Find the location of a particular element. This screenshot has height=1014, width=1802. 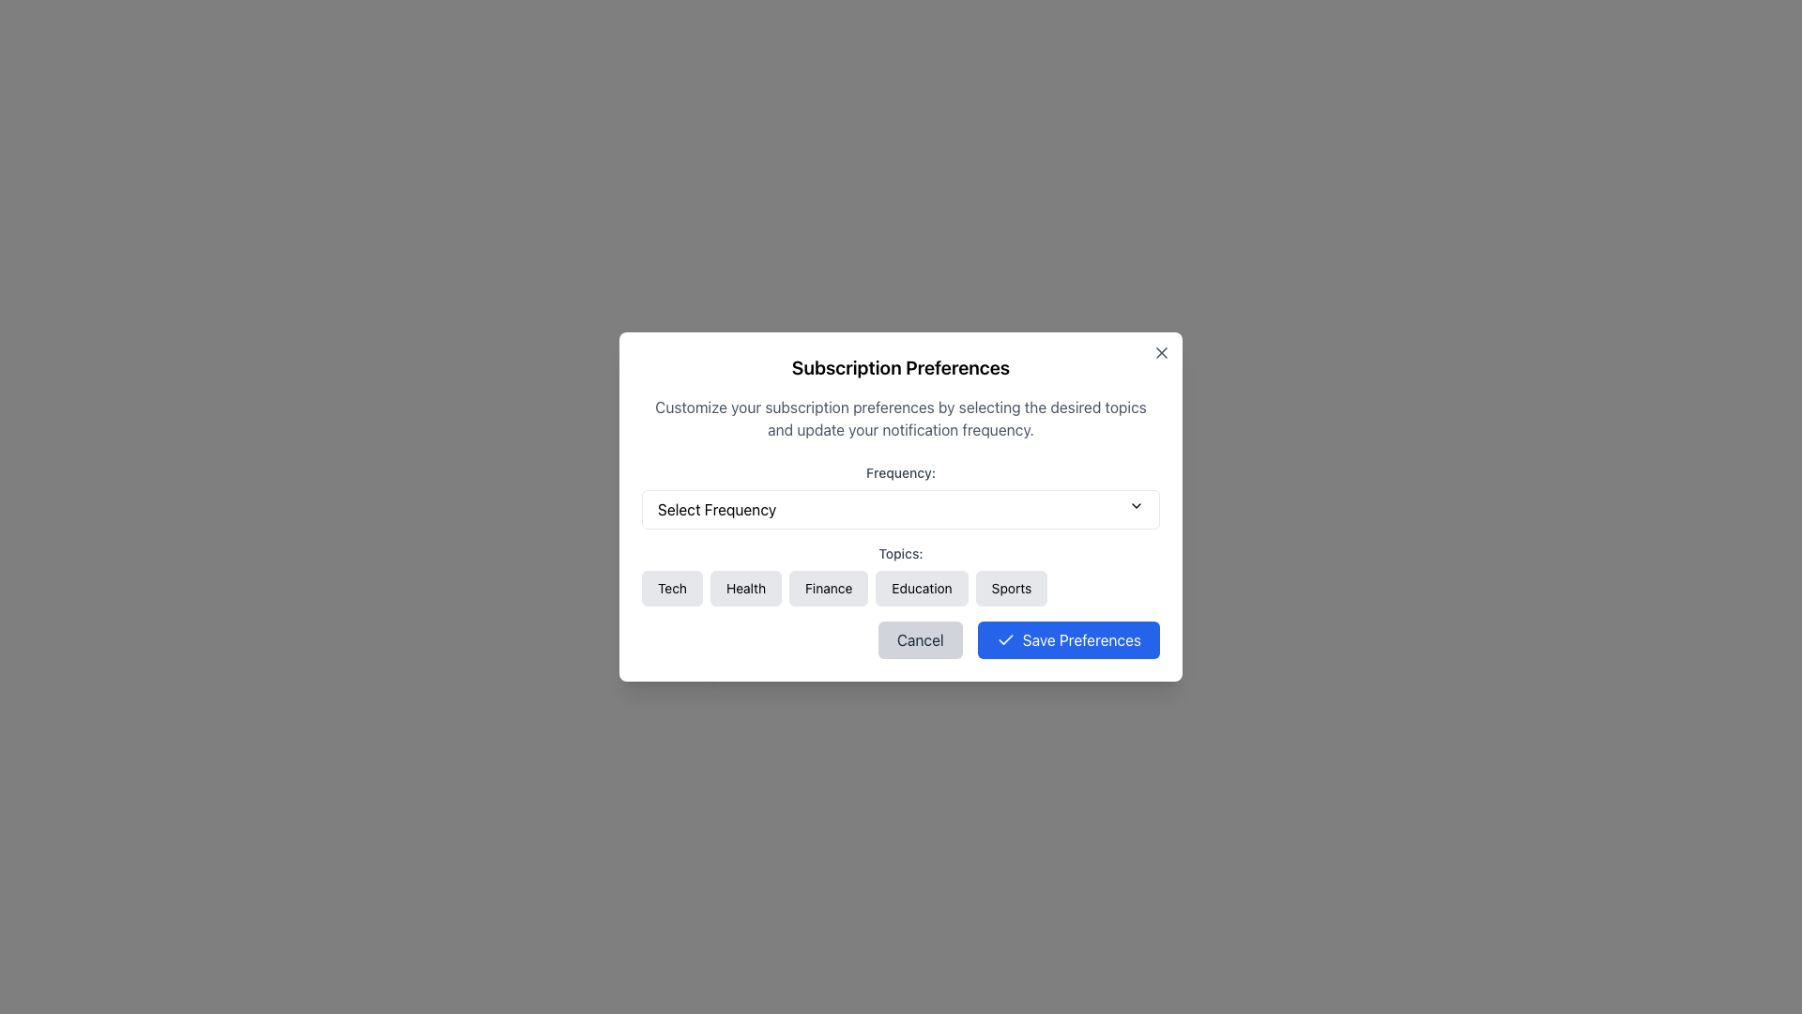

a button in the Button Group is located at coordinates (901, 588).